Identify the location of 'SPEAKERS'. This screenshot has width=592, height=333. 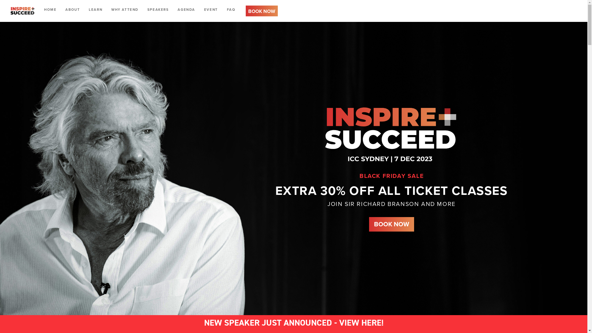
(158, 9).